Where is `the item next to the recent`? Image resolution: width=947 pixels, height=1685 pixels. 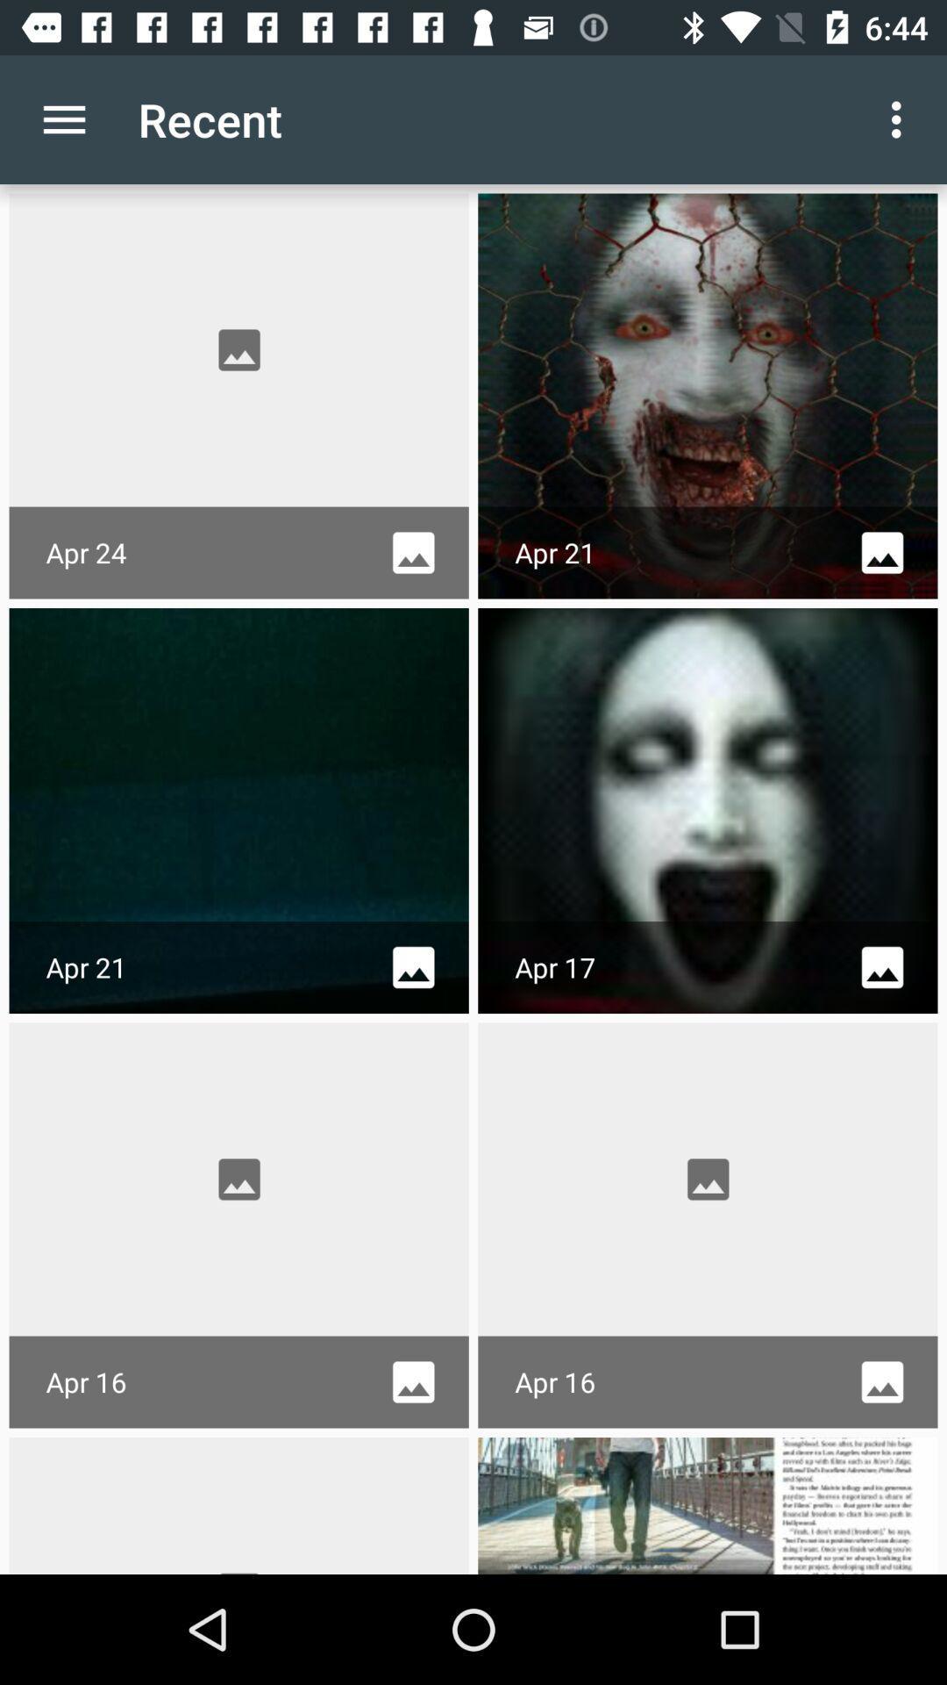
the item next to the recent is located at coordinates (63, 118).